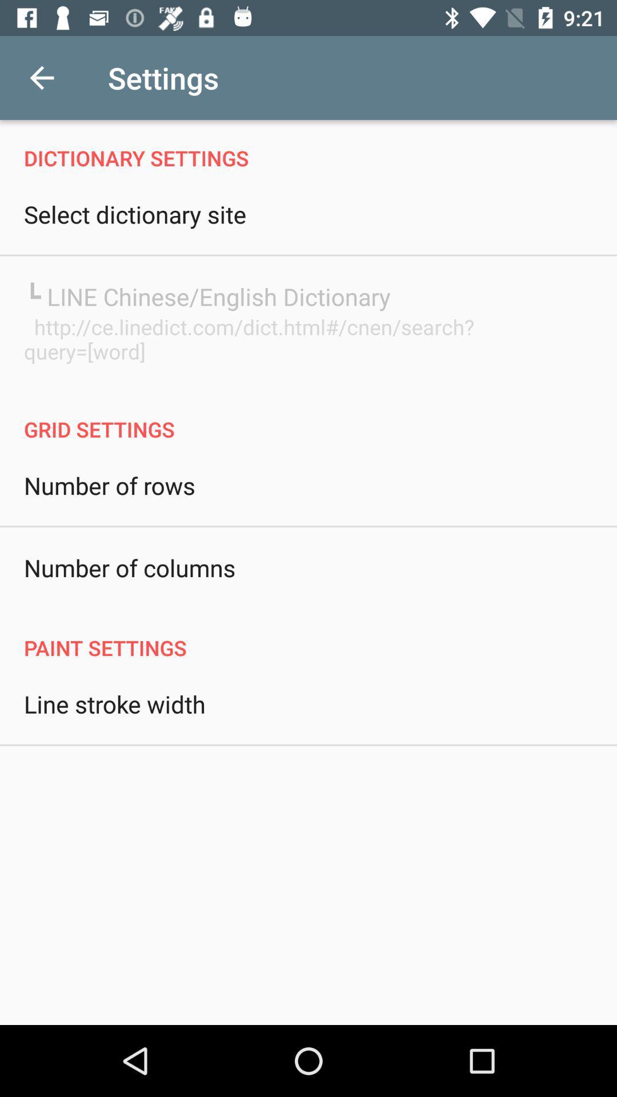  What do you see at coordinates (41, 77) in the screenshot?
I see `the icon next to settings` at bounding box center [41, 77].